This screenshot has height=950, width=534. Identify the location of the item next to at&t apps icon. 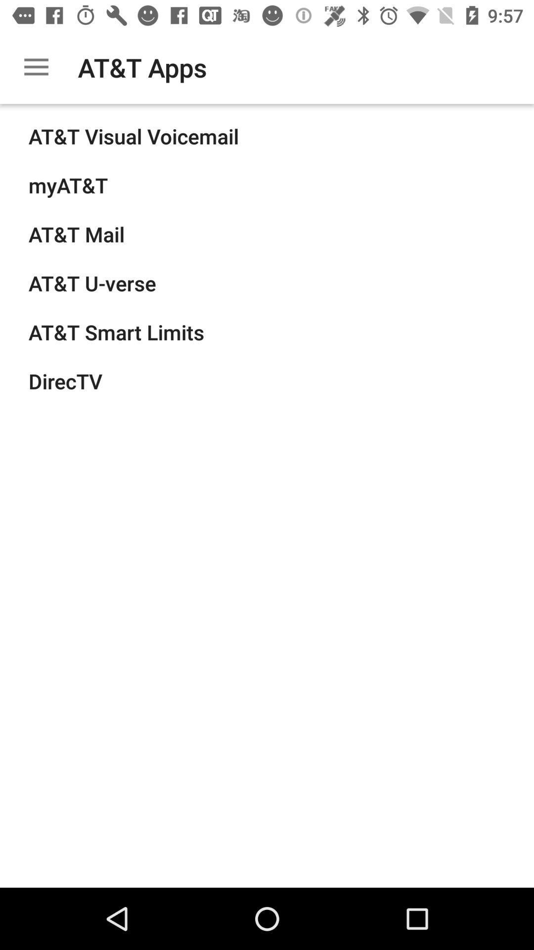
(36, 67).